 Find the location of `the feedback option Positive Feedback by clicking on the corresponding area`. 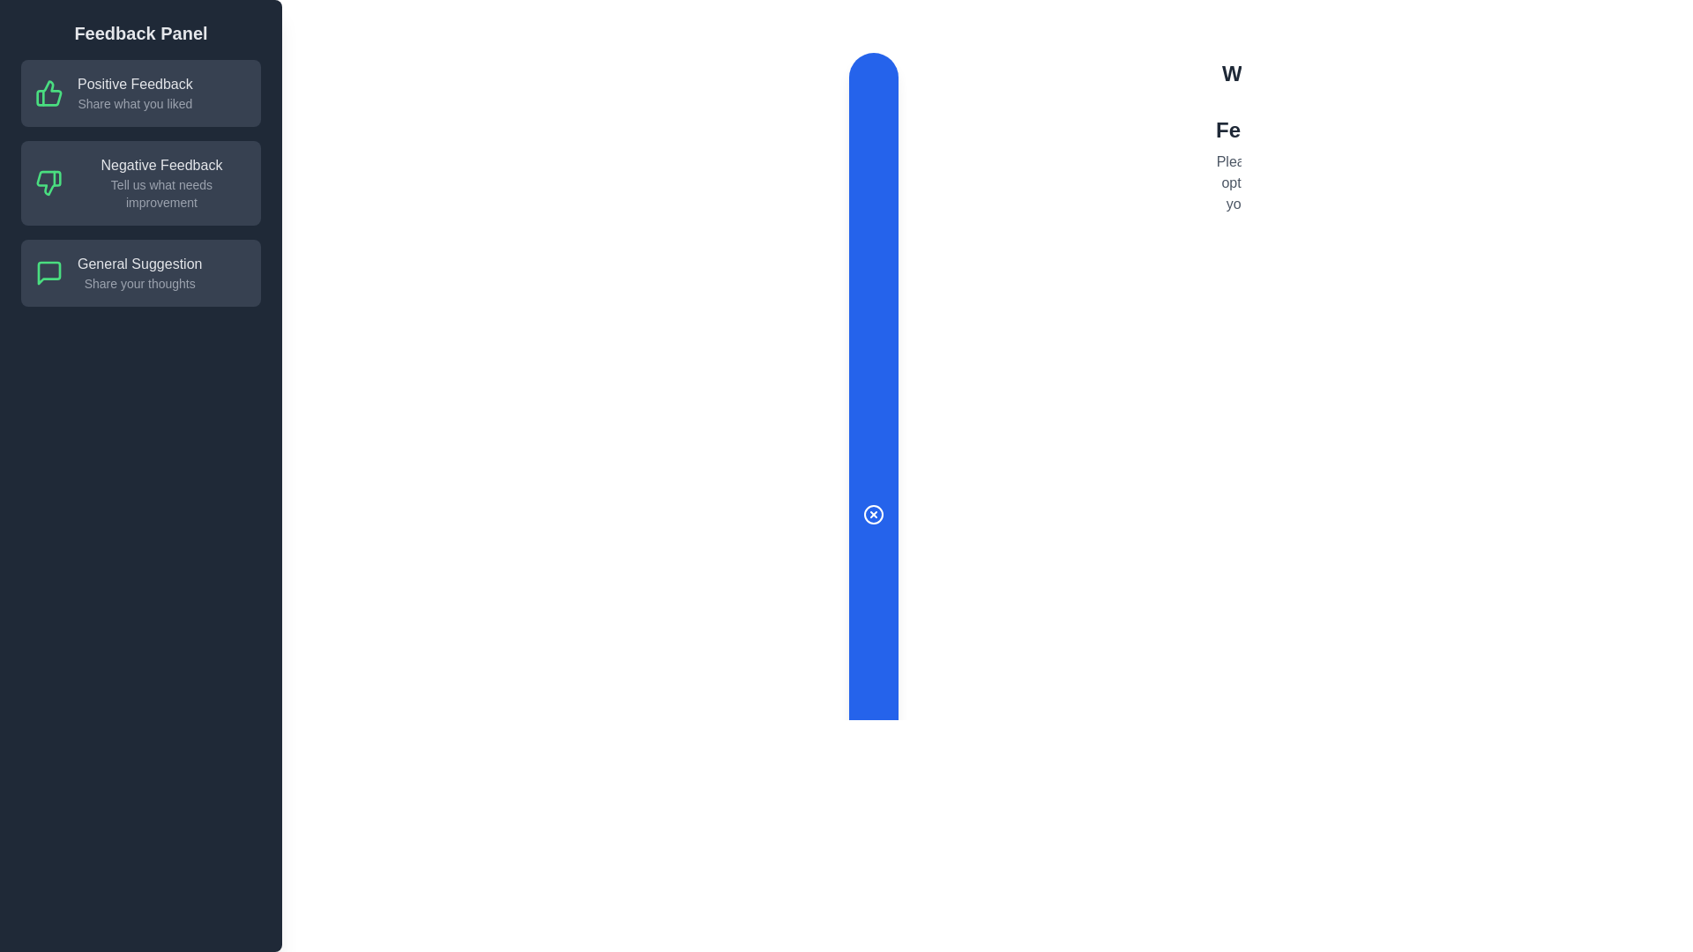

the feedback option Positive Feedback by clicking on the corresponding area is located at coordinates (139, 93).